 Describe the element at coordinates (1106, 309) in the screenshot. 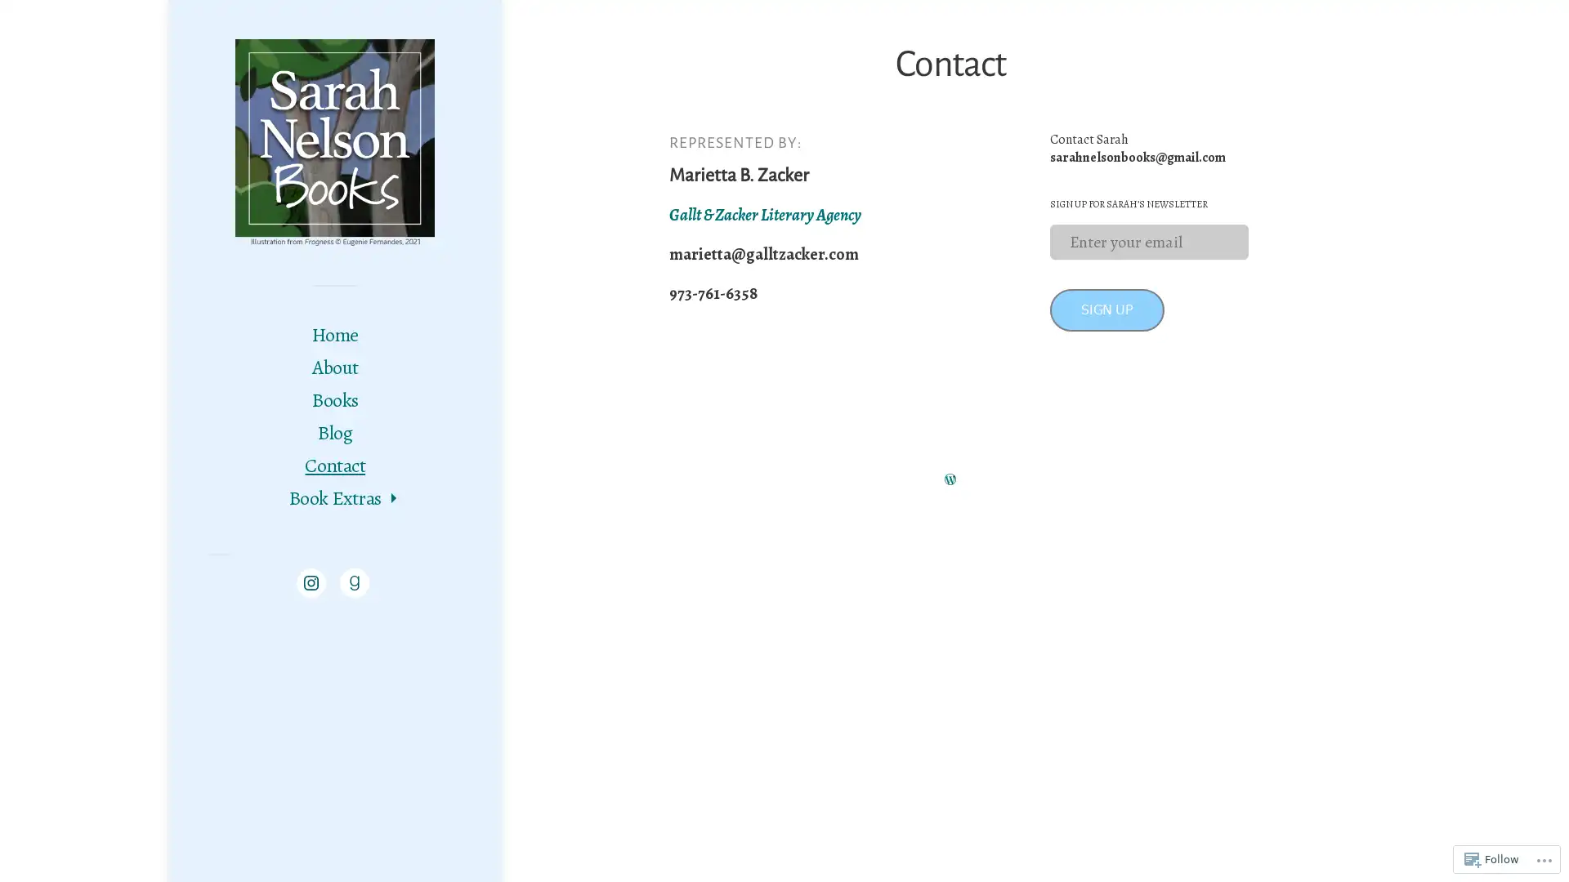

I see `SIGN UP` at that location.